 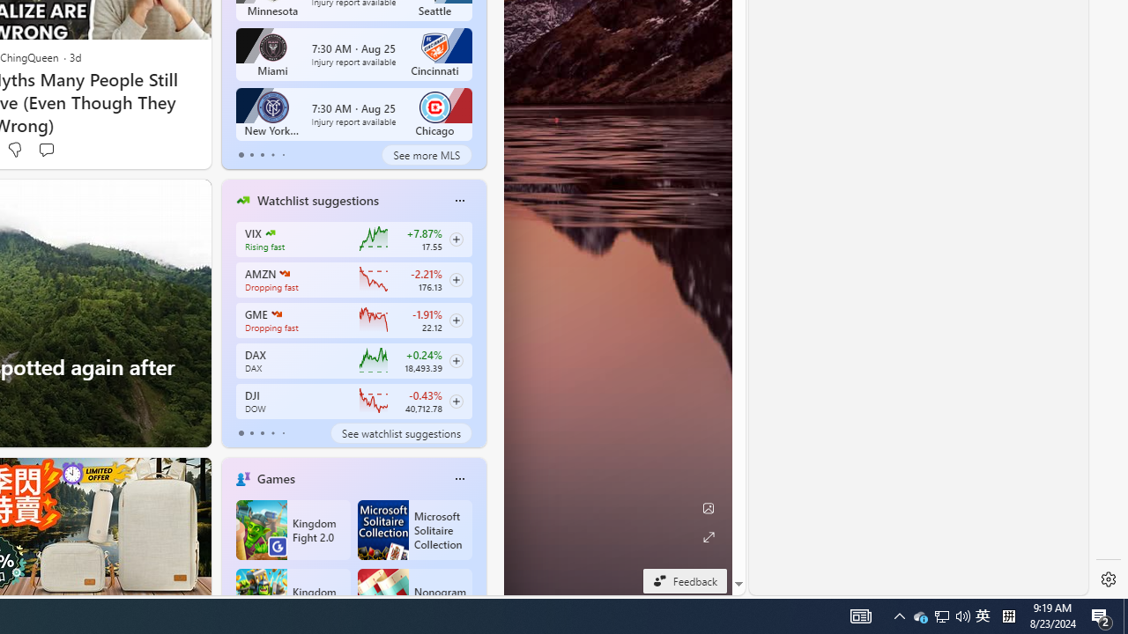 I want to click on 'tab-2', so click(x=261, y=433).